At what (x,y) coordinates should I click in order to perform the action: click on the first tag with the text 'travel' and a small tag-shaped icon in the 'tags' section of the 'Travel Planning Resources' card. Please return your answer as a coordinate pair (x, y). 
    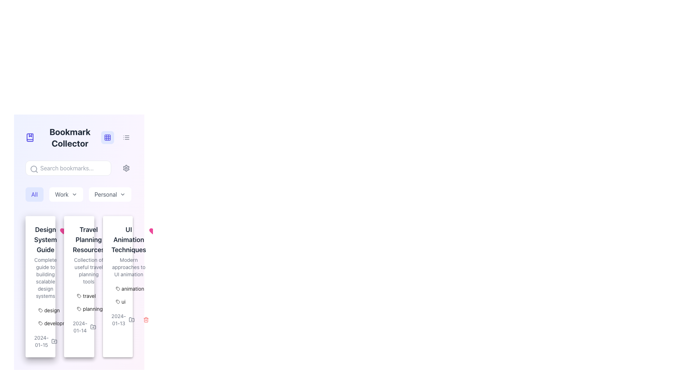
    Looking at the image, I should click on (86, 296).